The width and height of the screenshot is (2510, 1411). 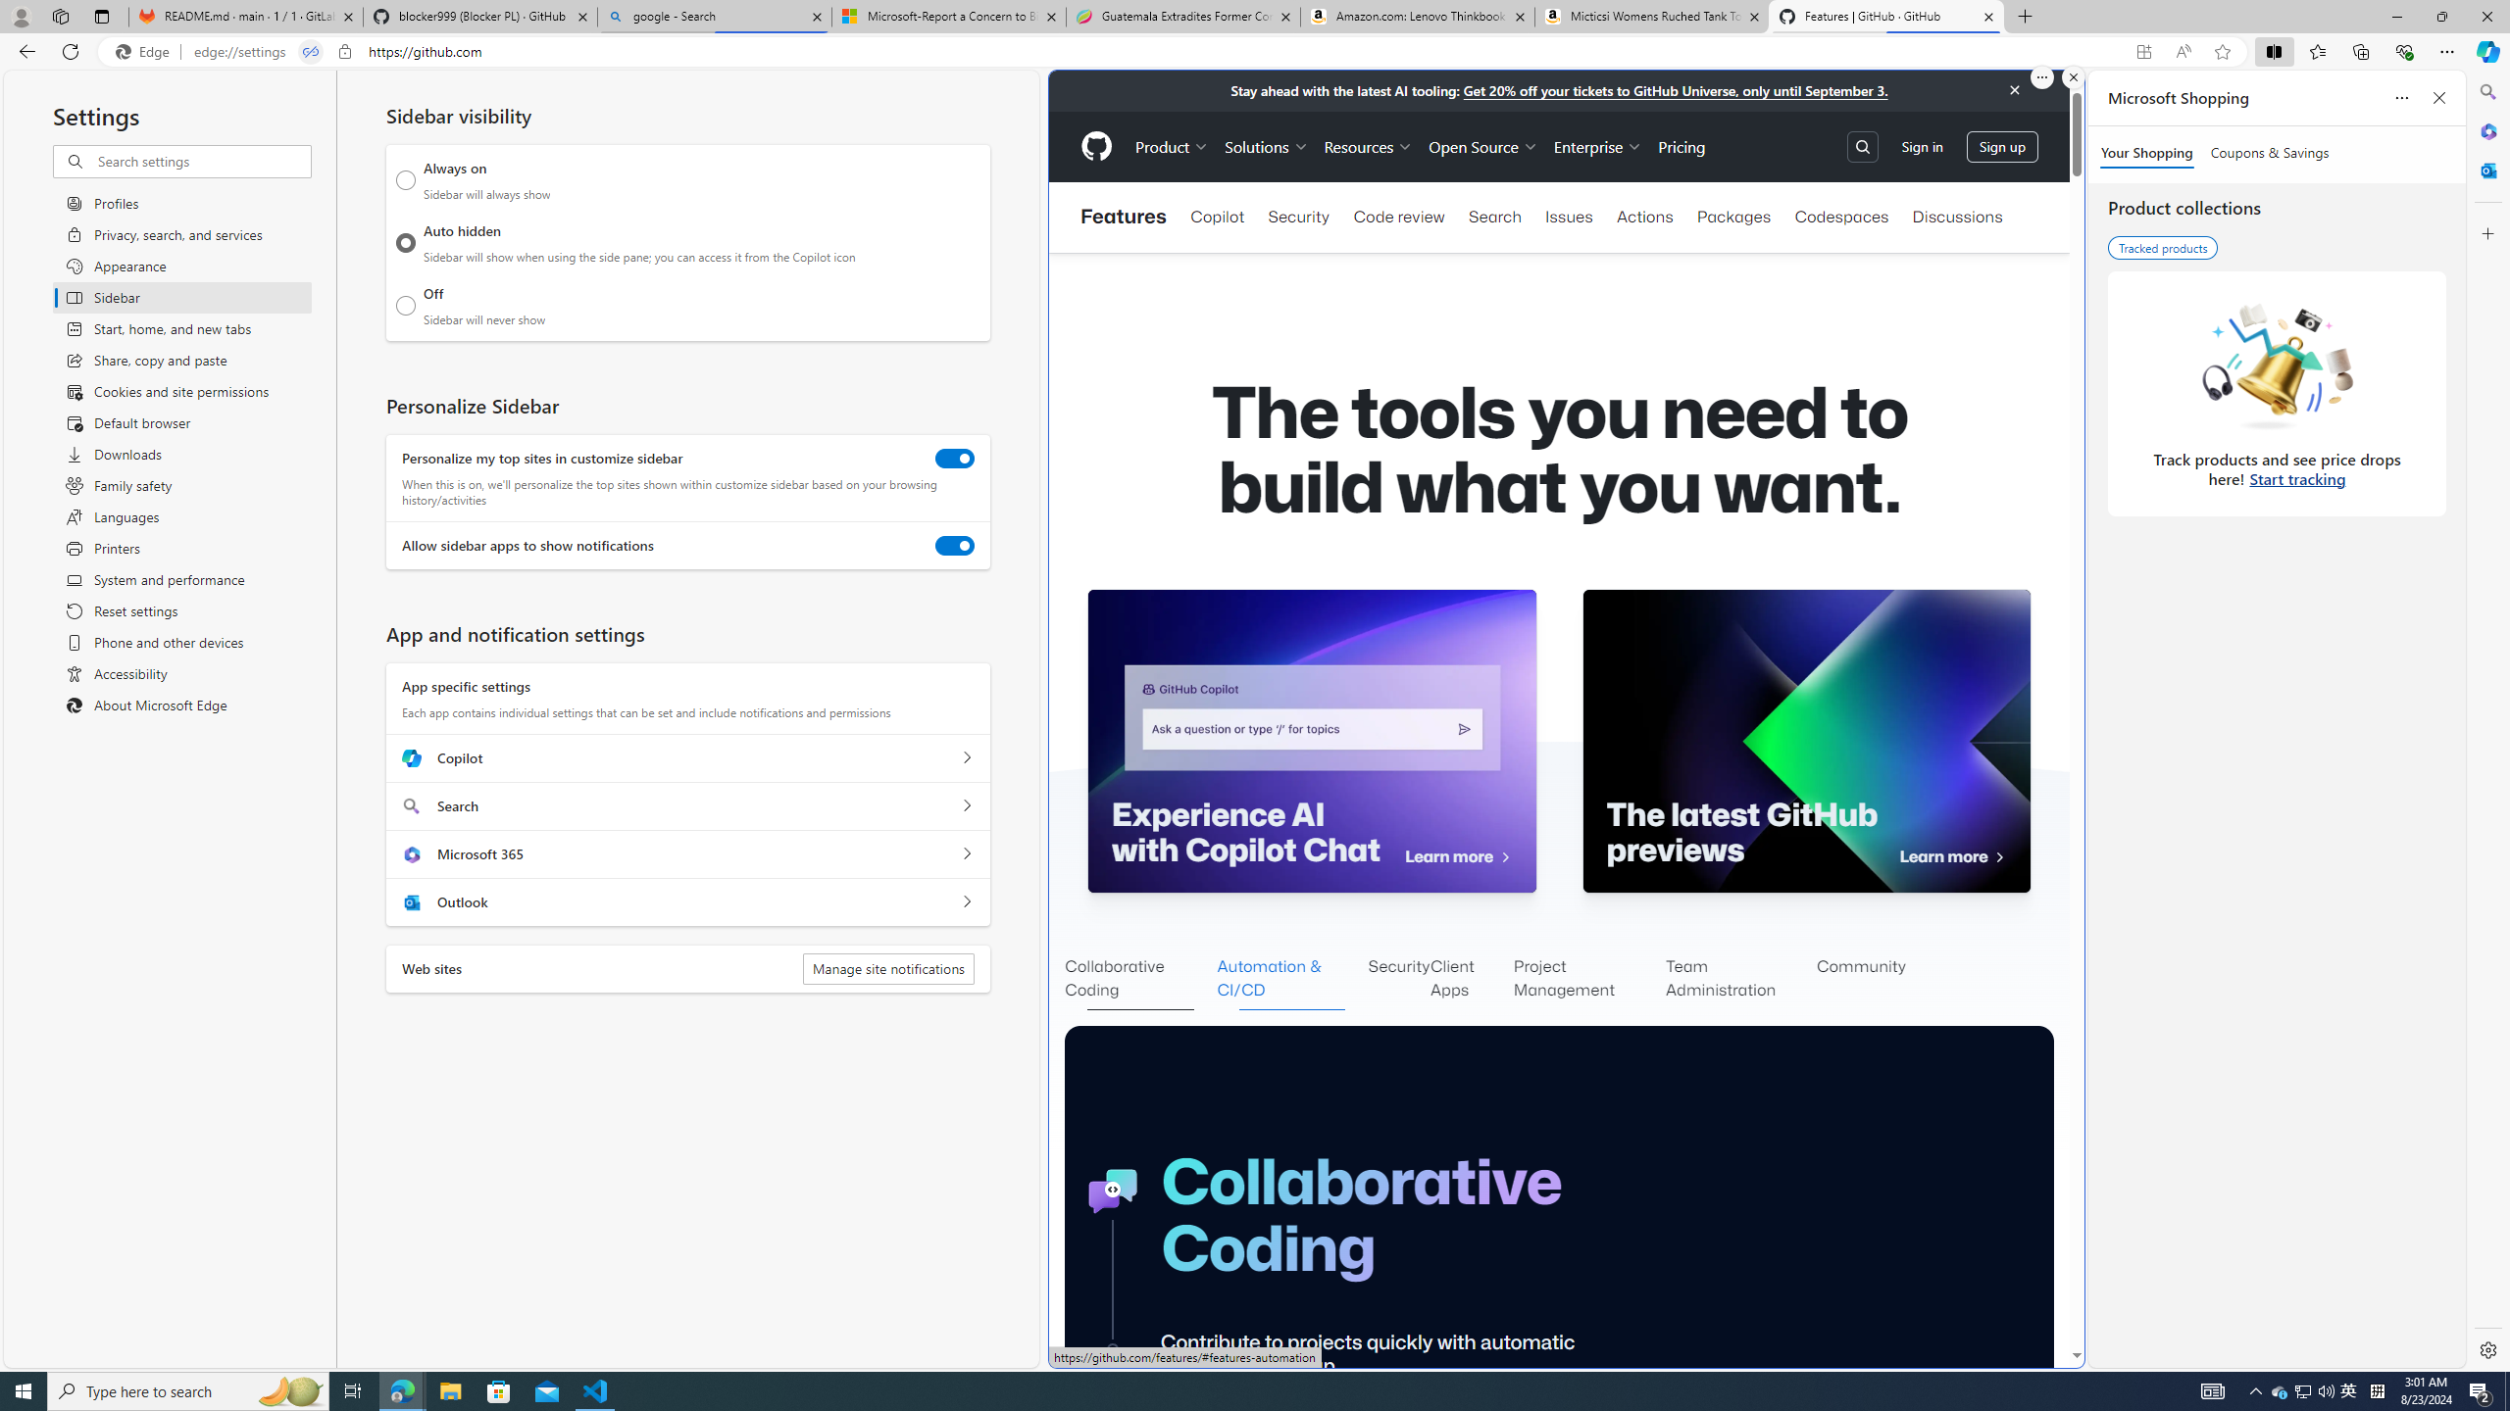 What do you see at coordinates (2041, 76) in the screenshot?
I see `'More options.'` at bounding box center [2041, 76].